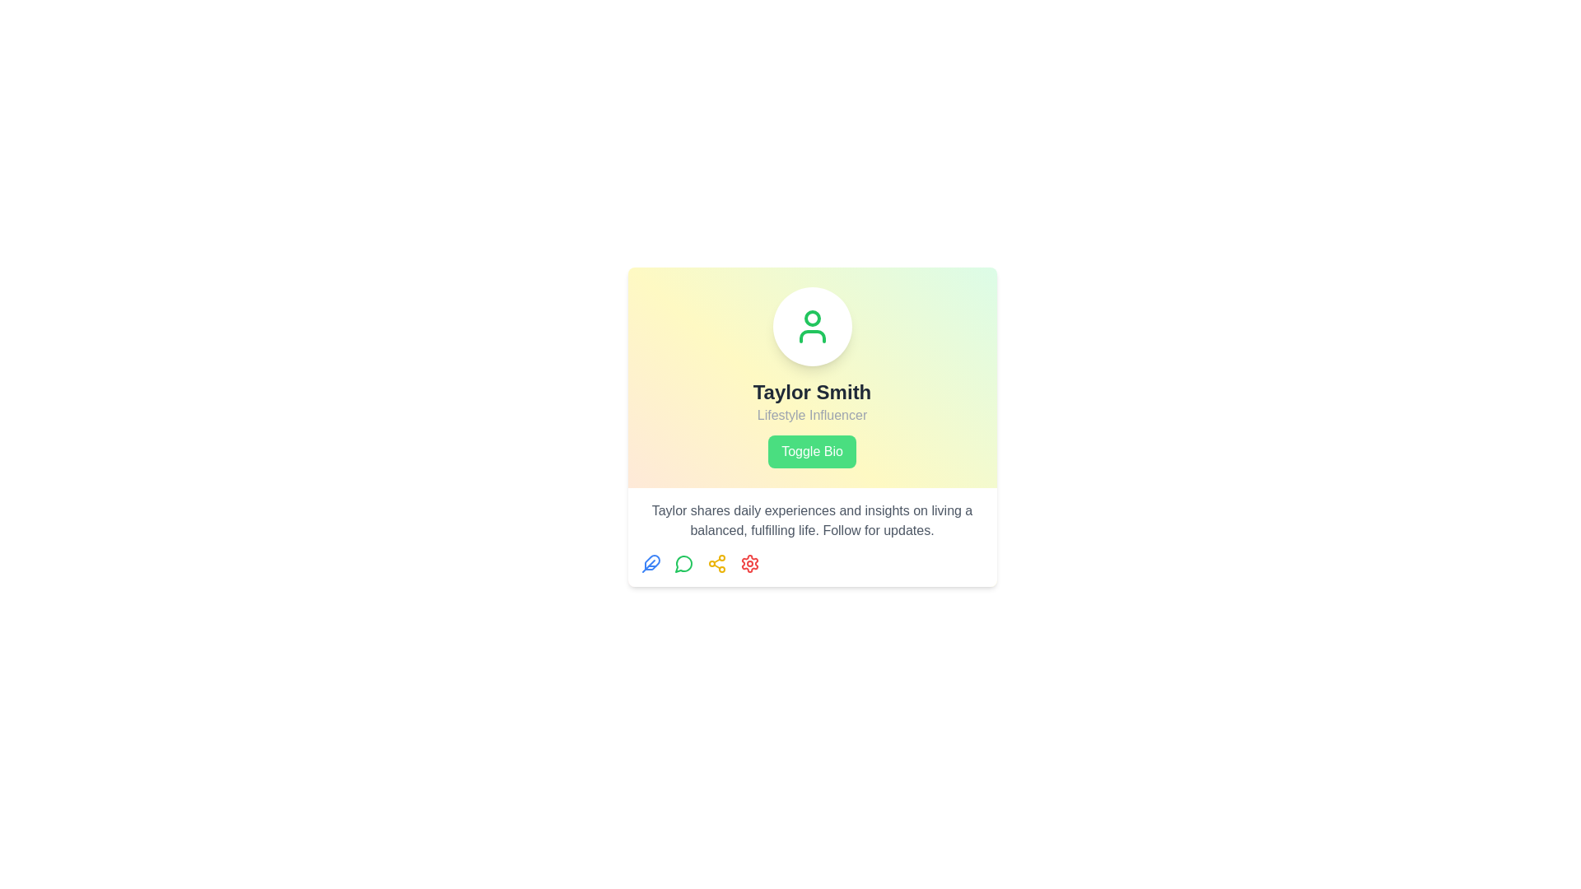 The height and width of the screenshot is (889, 1581). What do you see at coordinates (749, 563) in the screenshot?
I see `the settings icon button located at the far right of the row of functional icons beneath the user information card` at bounding box center [749, 563].